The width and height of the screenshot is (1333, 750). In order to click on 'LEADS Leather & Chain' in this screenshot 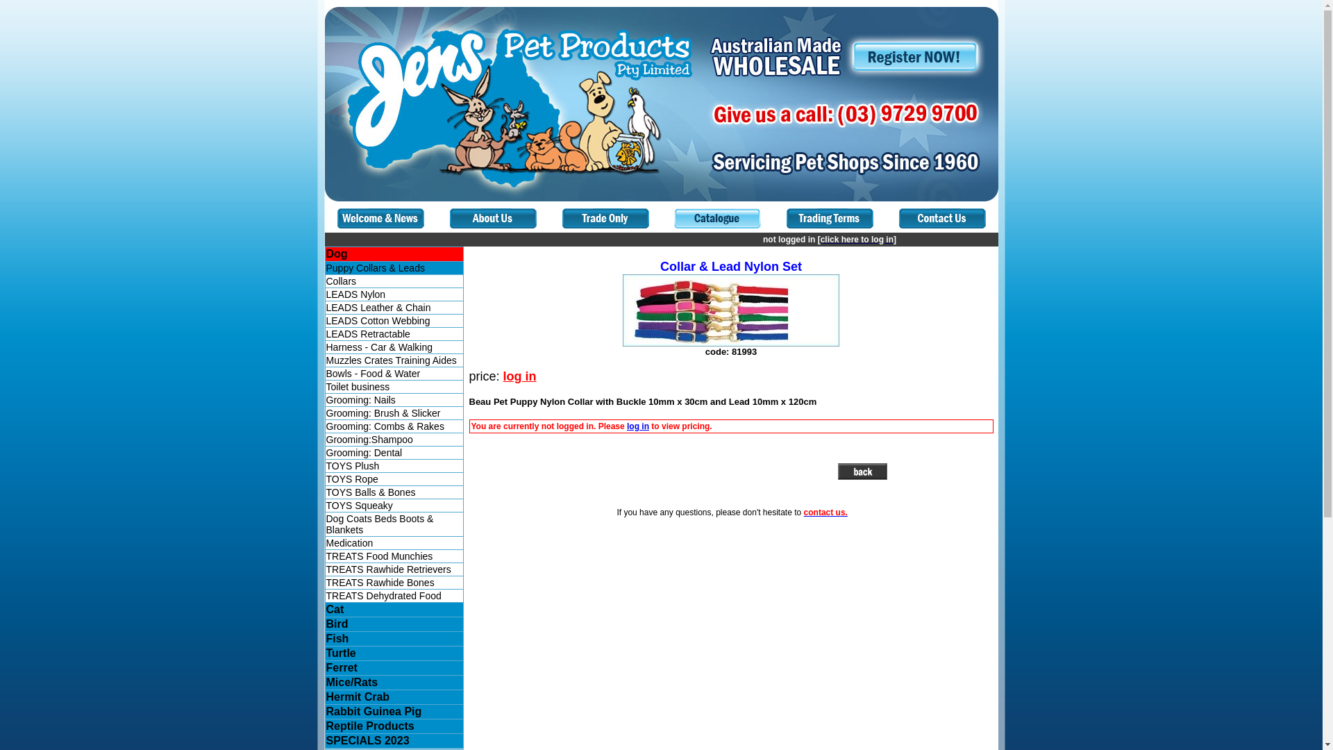, I will do `click(378, 307)`.